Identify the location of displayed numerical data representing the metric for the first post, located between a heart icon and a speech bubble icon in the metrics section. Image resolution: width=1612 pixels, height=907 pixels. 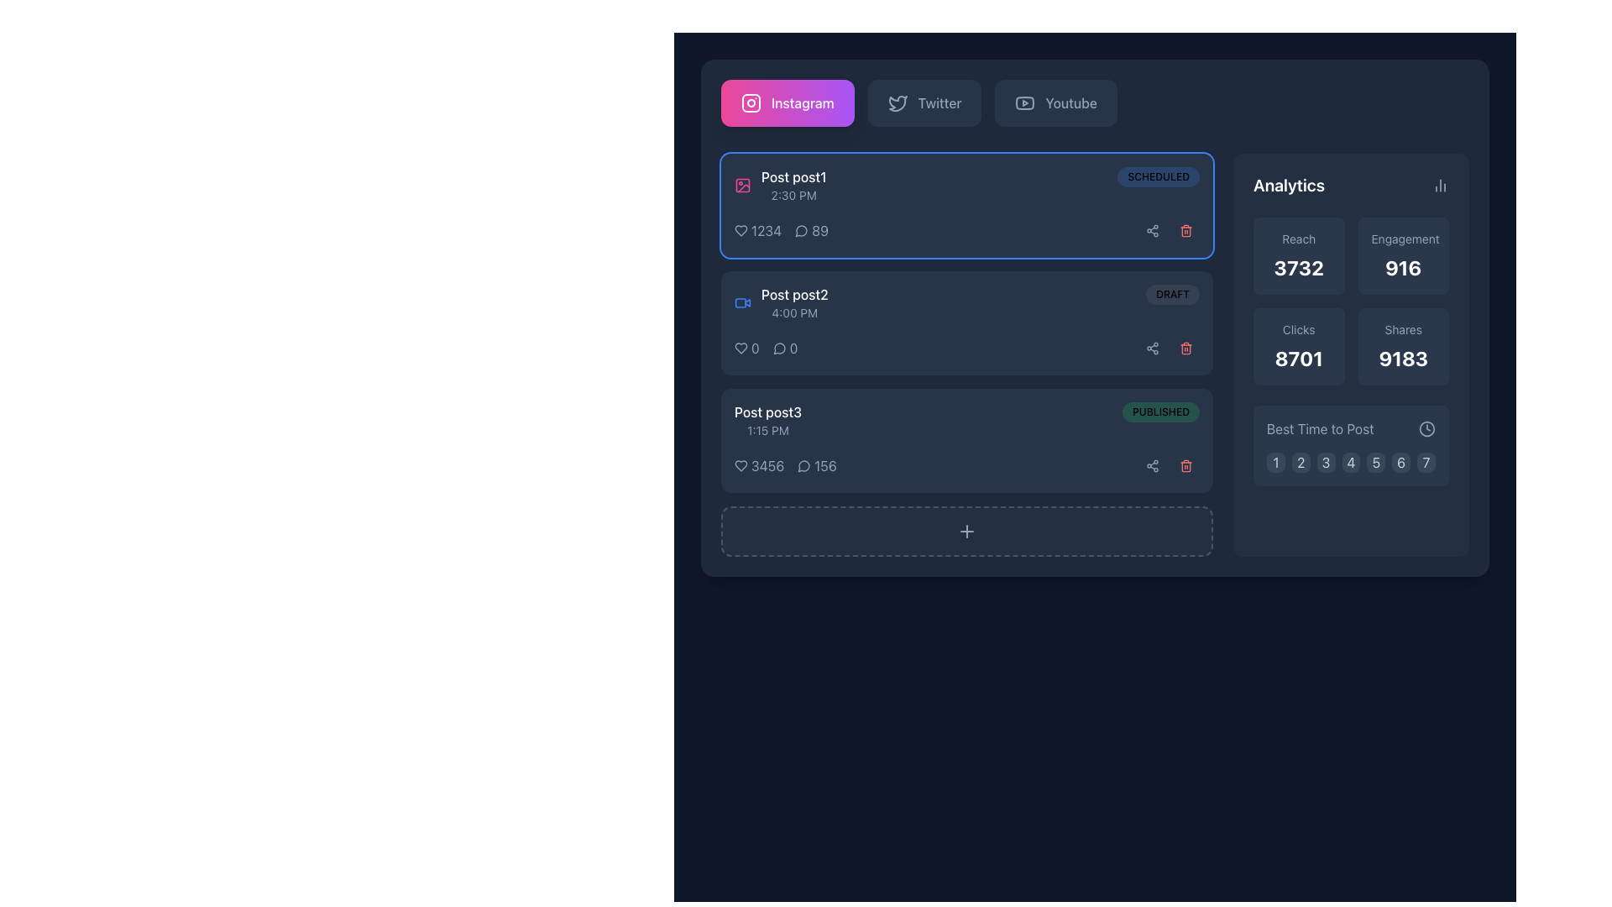
(781, 230).